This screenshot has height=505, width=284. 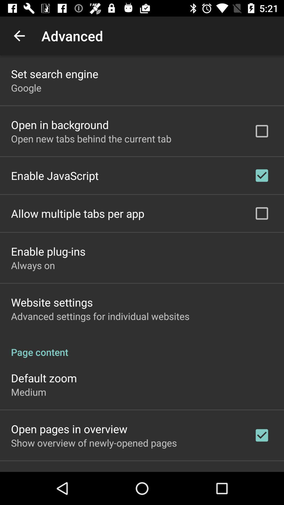 I want to click on the medium item, so click(x=29, y=392).